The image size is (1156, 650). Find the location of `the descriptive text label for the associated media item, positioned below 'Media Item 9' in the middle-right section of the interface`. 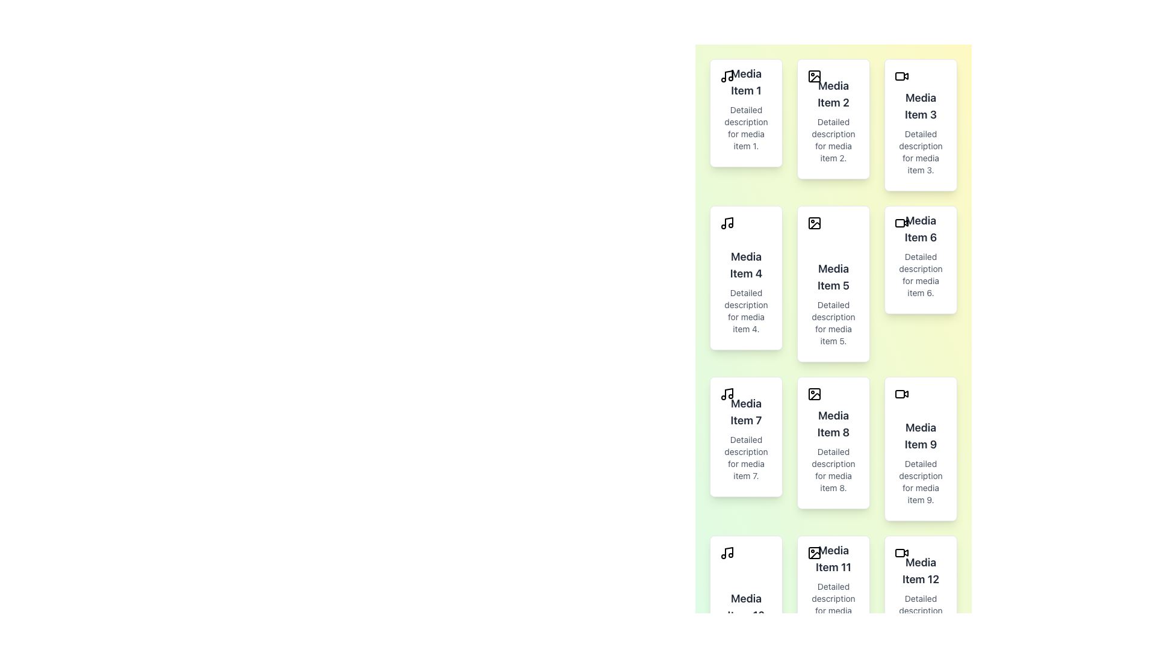

the descriptive text label for the associated media item, positioned below 'Media Item 9' in the middle-right section of the interface is located at coordinates (920, 481).